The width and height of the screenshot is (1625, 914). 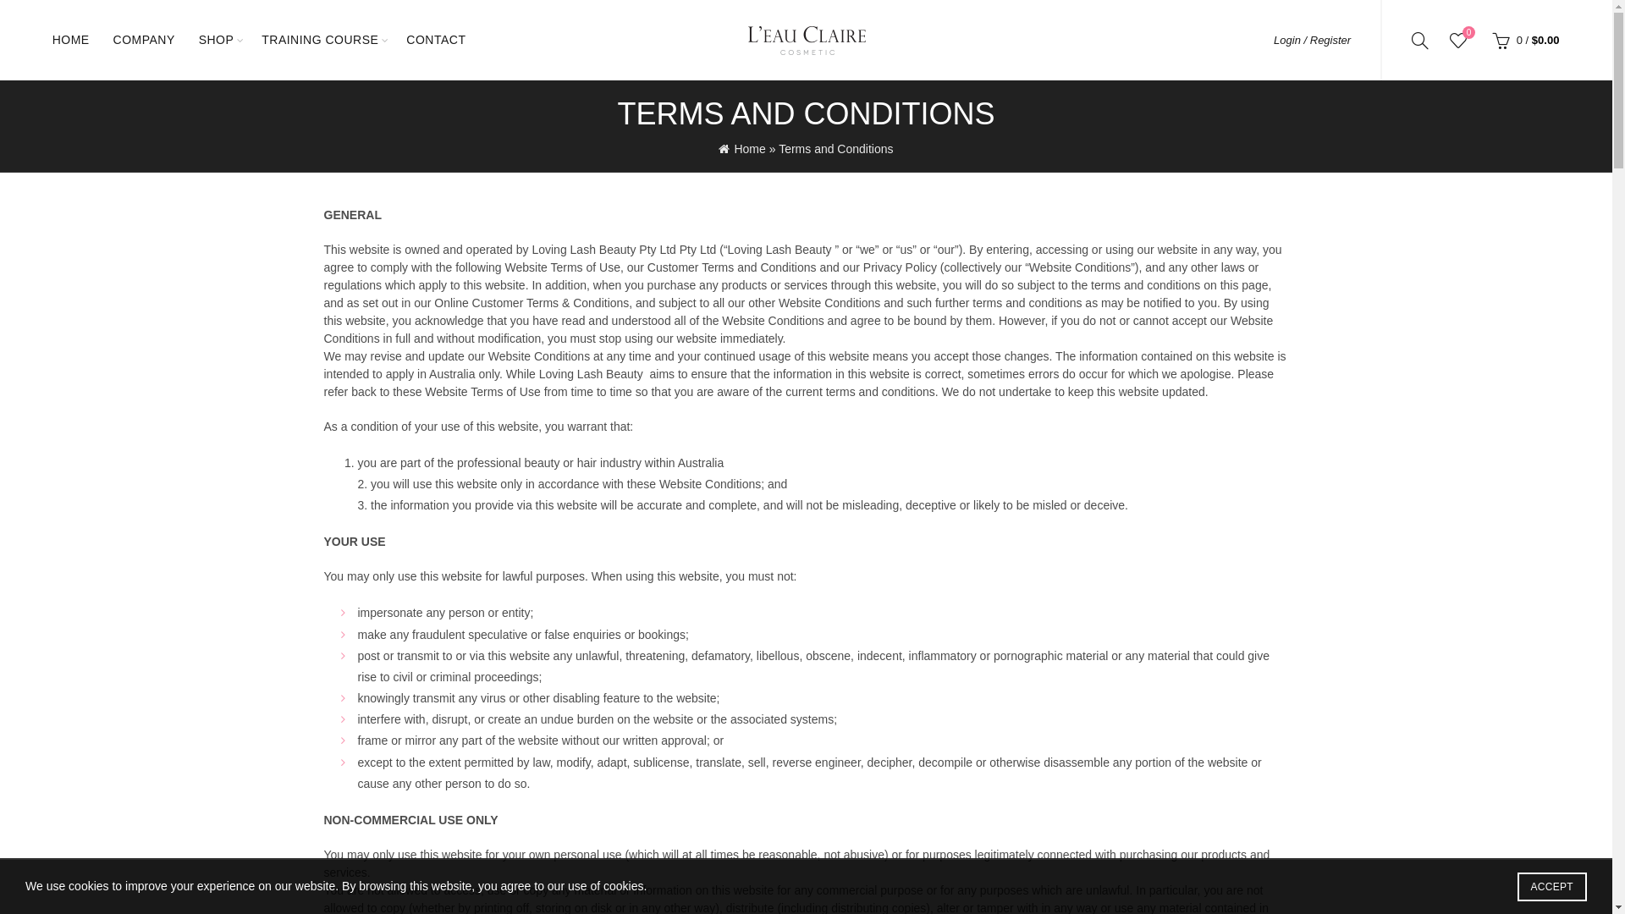 I want to click on '0 / $0.00', so click(x=1523, y=38).